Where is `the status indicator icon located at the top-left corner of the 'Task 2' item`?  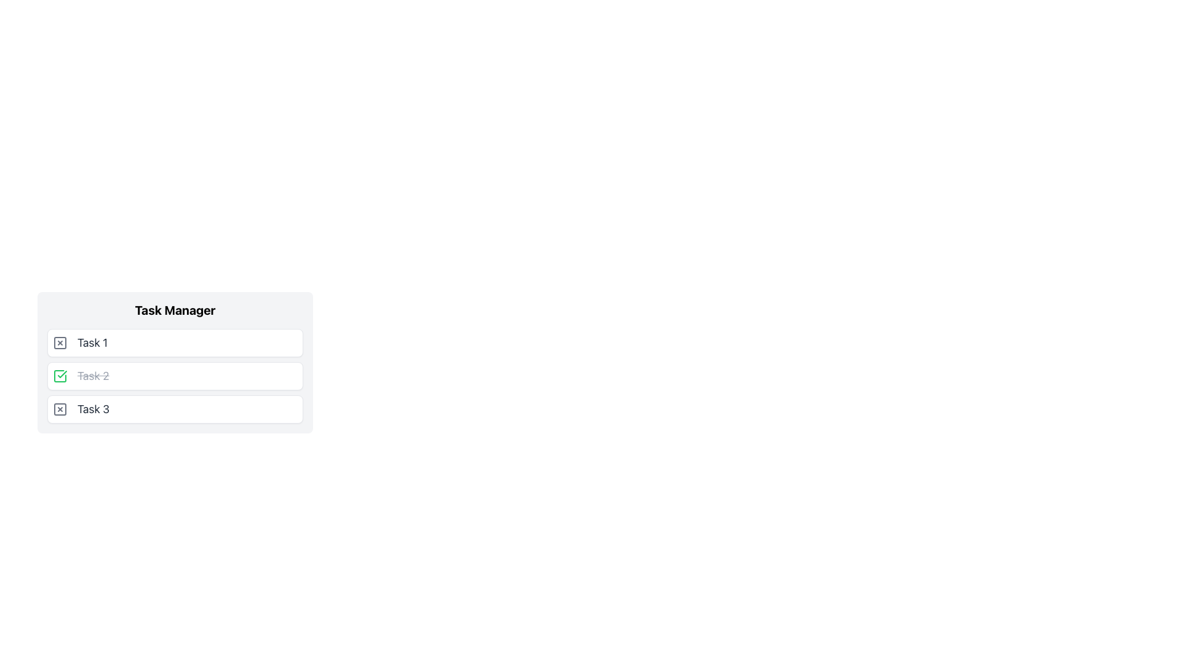 the status indicator icon located at the top-left corner of the 'Task 2' item is located at coordinates (59, 376).